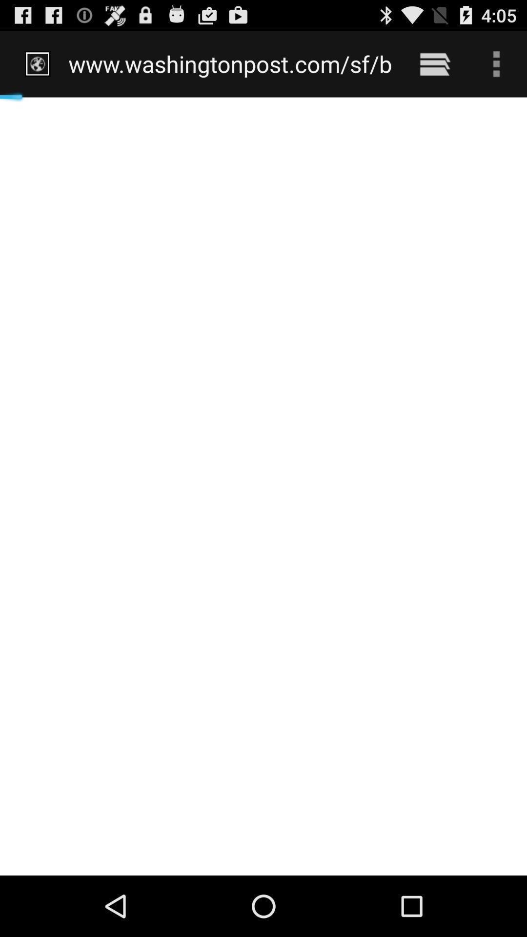 The width and height of the screenshot is (527, 937). What do you see at coordinates (263, 486) in the screenshot?
I see `item at the center` at bounding box center [263, 486].